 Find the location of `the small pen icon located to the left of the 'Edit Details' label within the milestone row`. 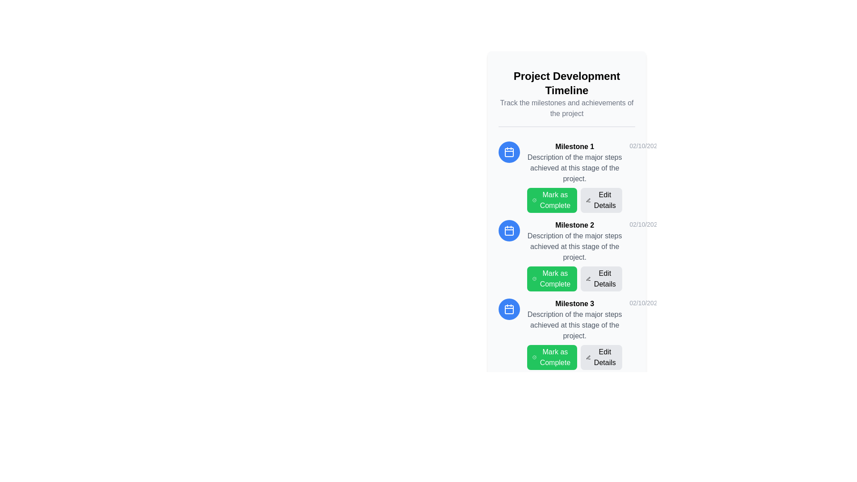

the small pen icon located to the left of the 'Edit Details' label within the milestone row is located at coordinates (588, 199).